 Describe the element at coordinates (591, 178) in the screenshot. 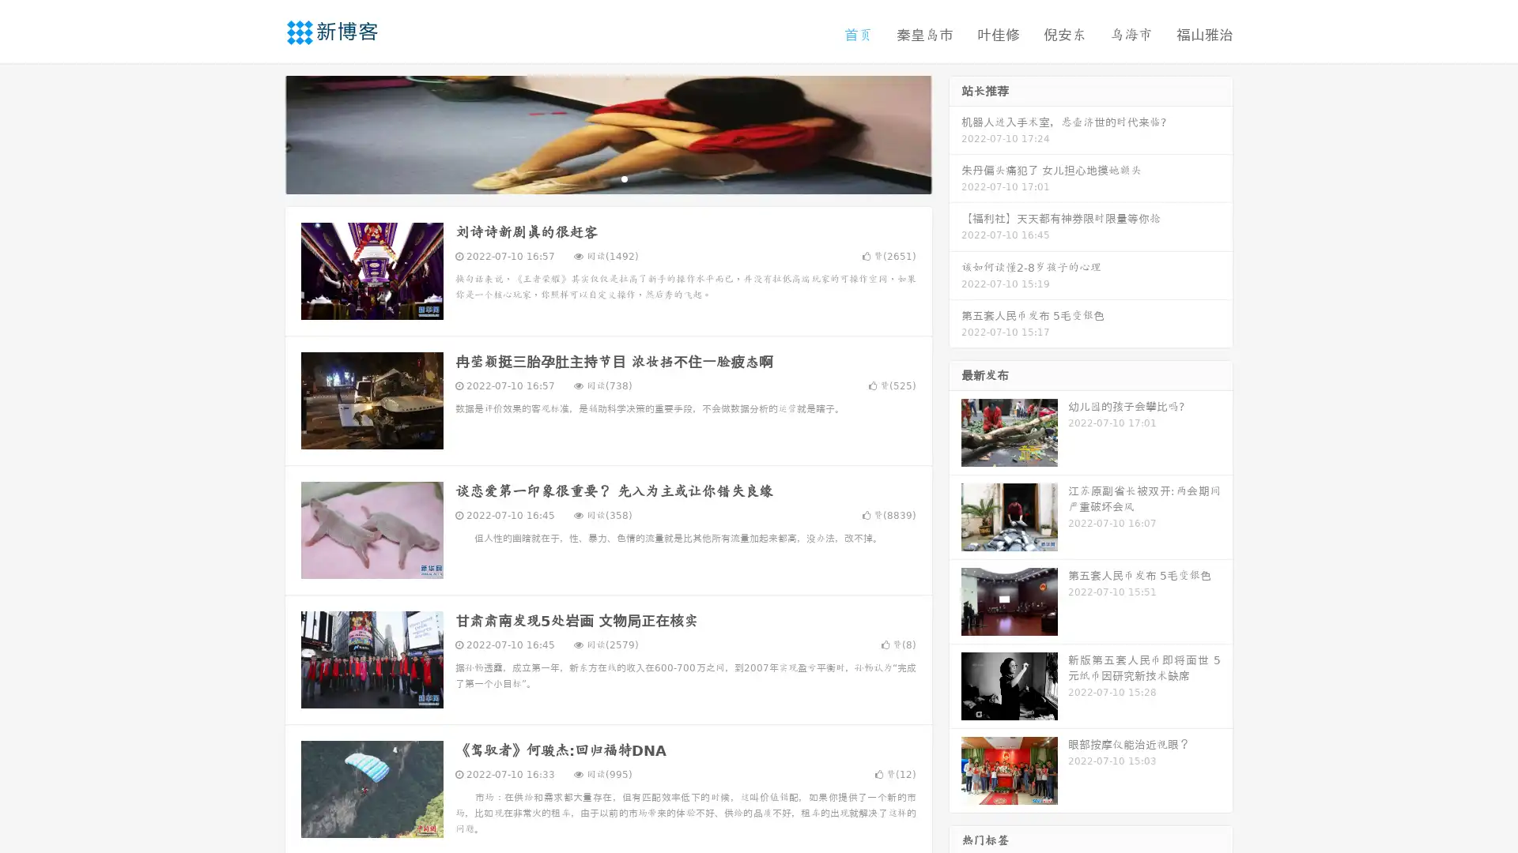

I see `Go to slide 1` at that location.